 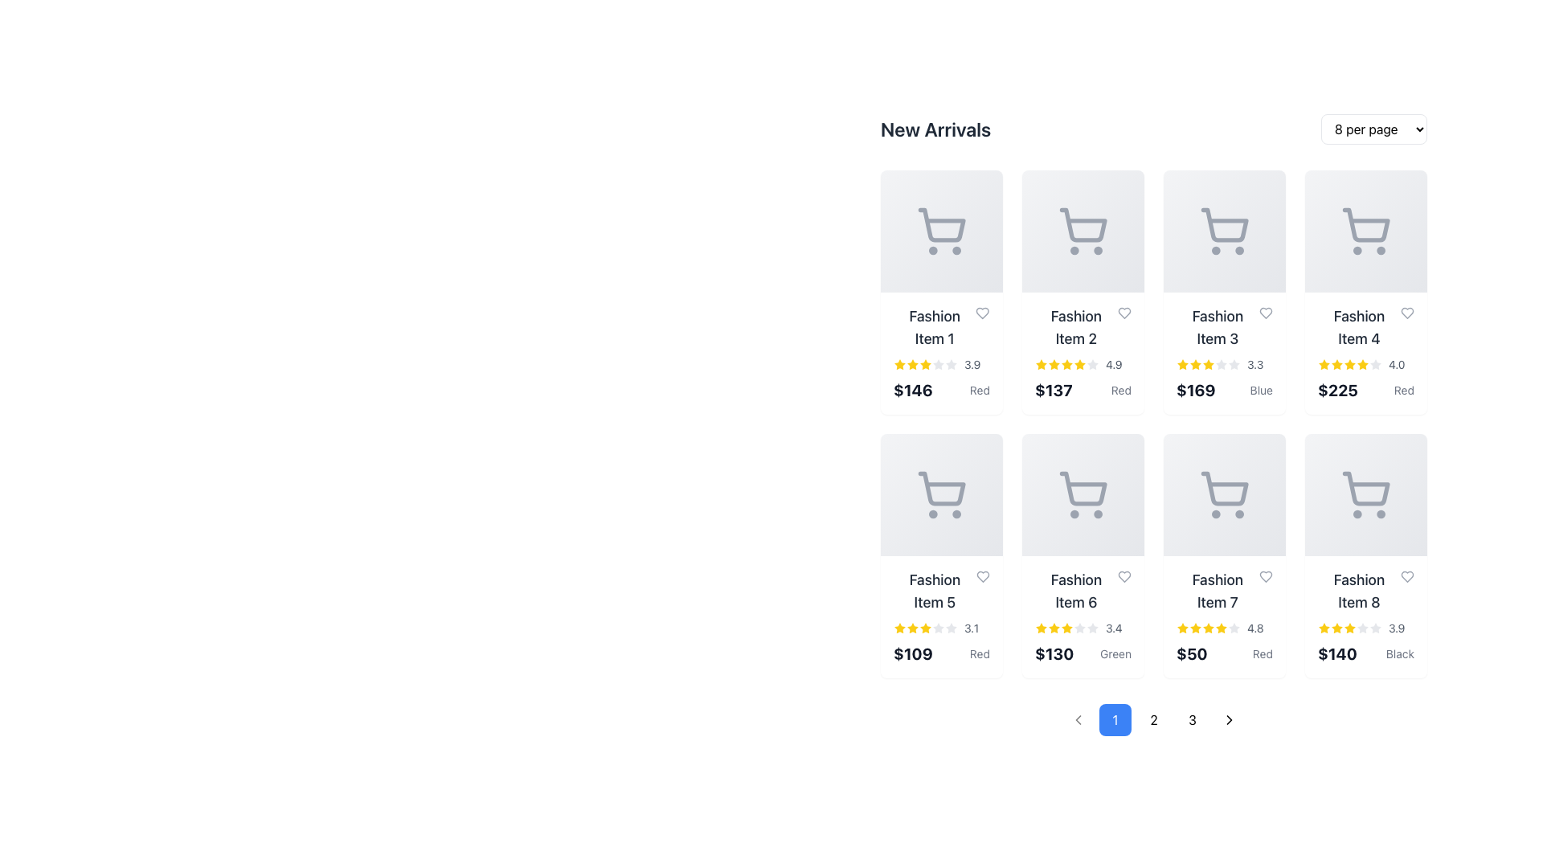 What do you see at coordinates (1262, 653) in the screenshot?
I see `the Text Label displaying 'Red' located in the details section of 'Fashion Item 7', positioned to the right of the price '$50' and below the product's rating` at bounding box center [1262, 653].